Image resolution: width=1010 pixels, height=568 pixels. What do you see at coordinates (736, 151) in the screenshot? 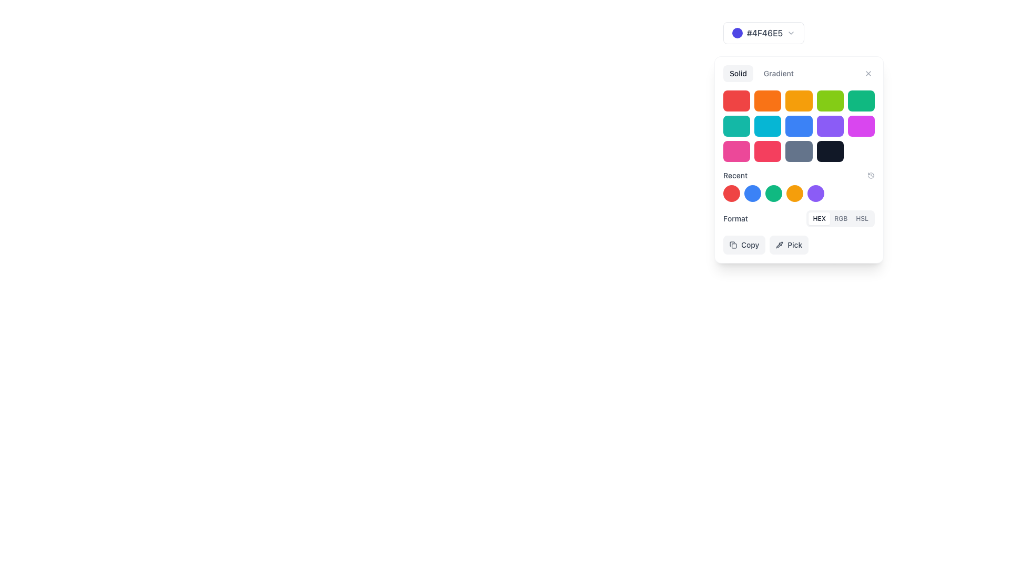
I see `the pink color selection button located in the bottom row, first column of the grid` at bounding box center [736, 151].